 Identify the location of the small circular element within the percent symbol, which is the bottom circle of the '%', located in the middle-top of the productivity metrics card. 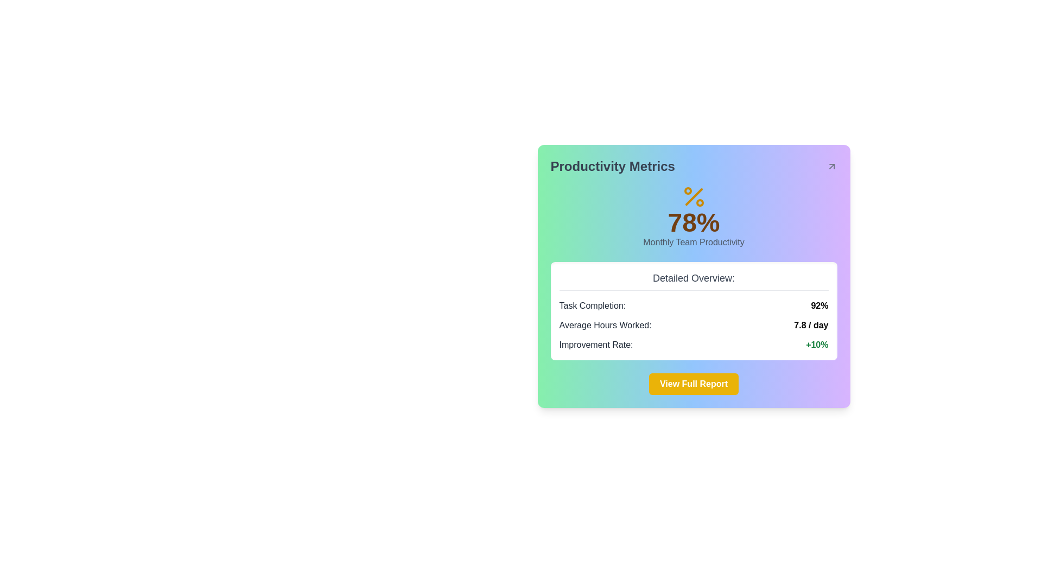
(700, 203).